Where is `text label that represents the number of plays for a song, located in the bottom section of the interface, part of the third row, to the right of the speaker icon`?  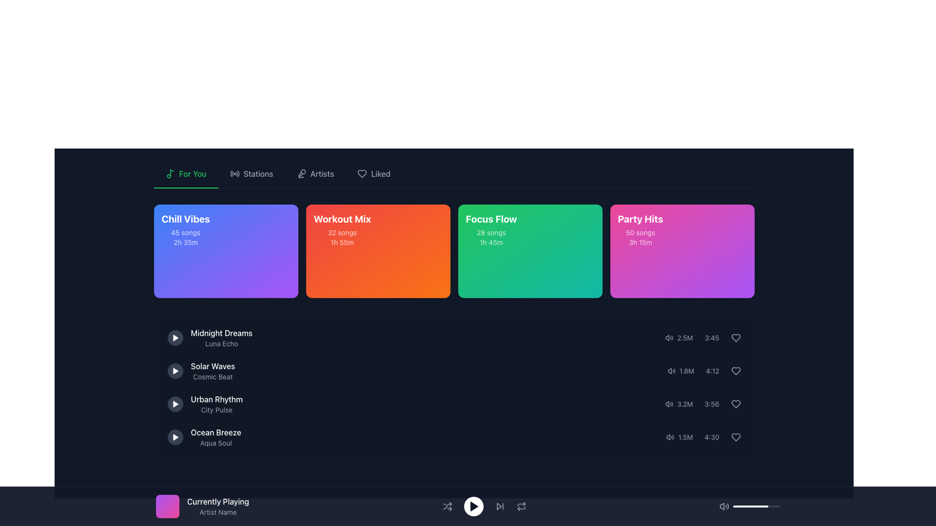
text label that represents the number of plays for a song, located in the bottom section of the interface, part of the third row, to the right of the speaker icon is located at coordinates (684, 404).